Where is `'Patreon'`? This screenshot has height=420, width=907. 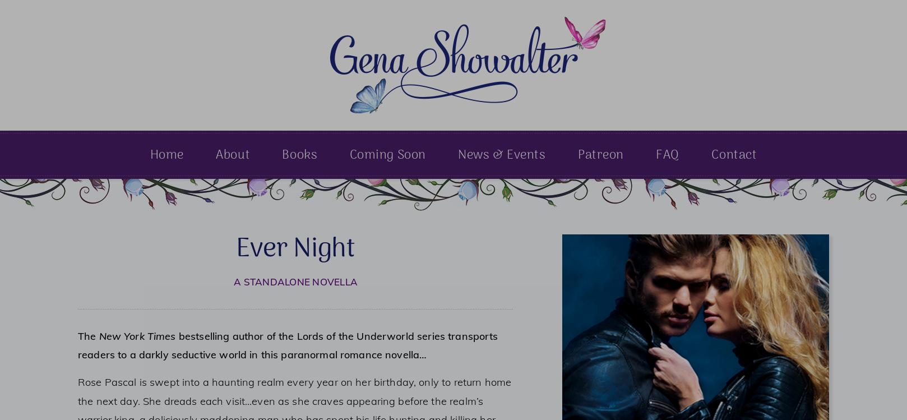
'Patreon' is located at coordinates (599, 155).